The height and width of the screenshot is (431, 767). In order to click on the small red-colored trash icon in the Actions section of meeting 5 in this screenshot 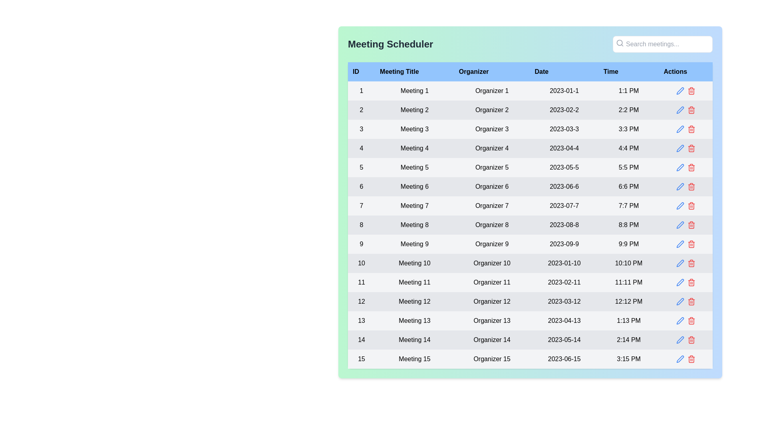, I will do `click(691, 167)`.